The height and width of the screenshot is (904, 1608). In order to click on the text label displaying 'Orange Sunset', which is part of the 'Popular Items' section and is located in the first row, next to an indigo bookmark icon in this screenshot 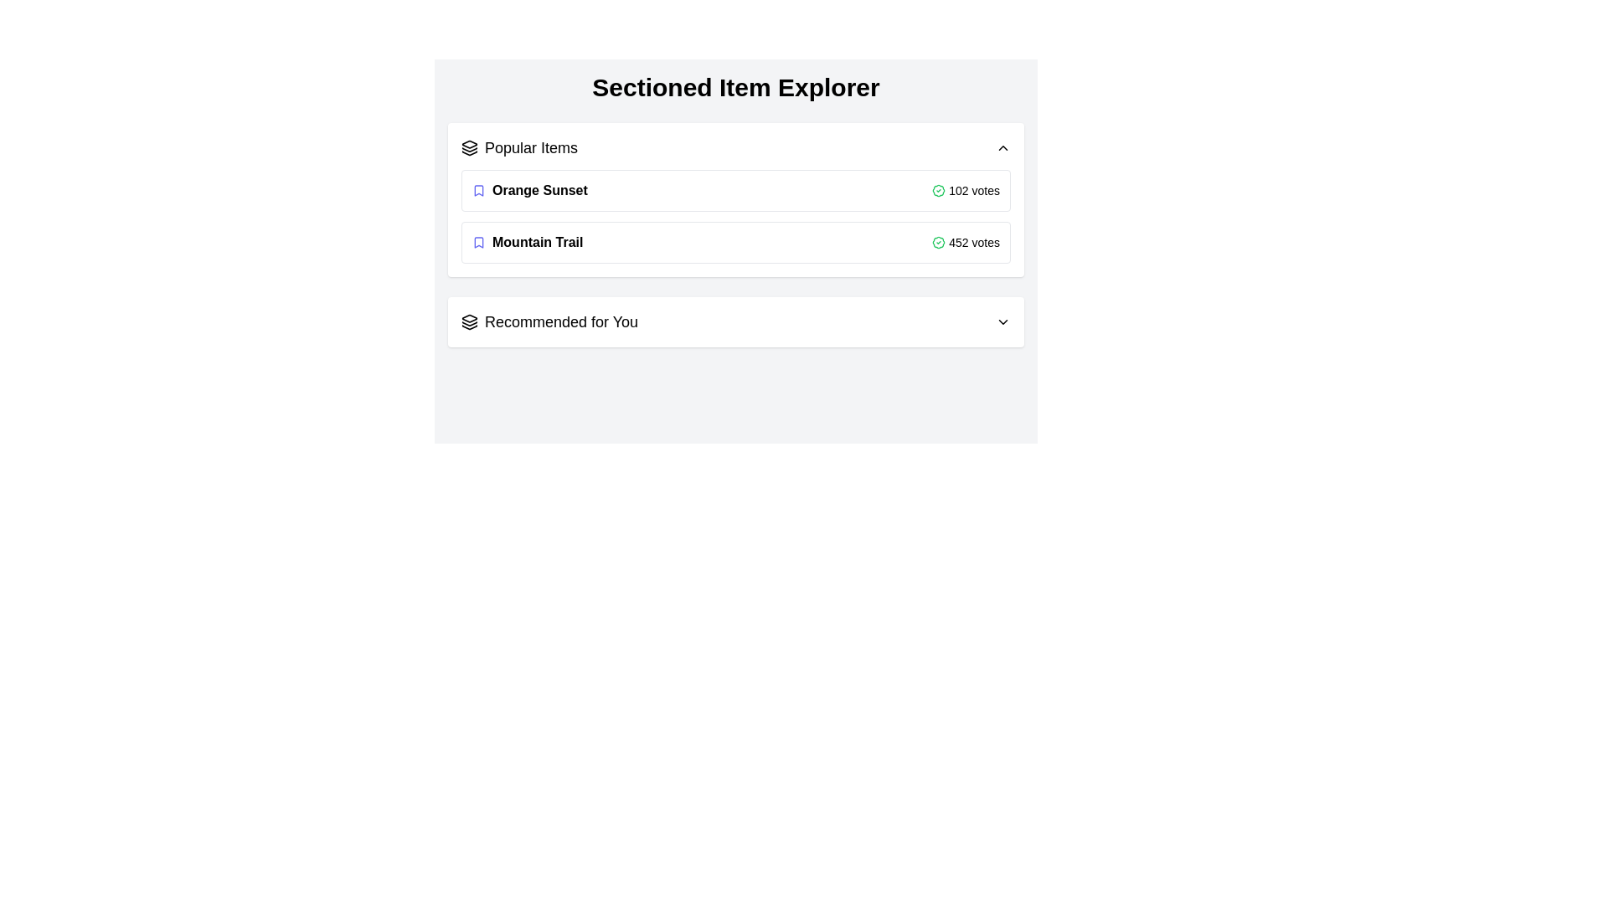, I will do `click(539, 189)`.